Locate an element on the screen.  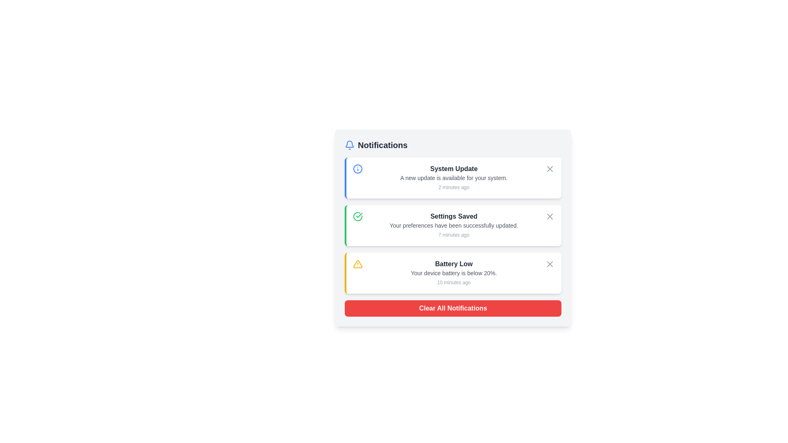
the green checkmark icon indicating a successful action within the notification about 'Settings Saved' is located at coordinates (359, 215).